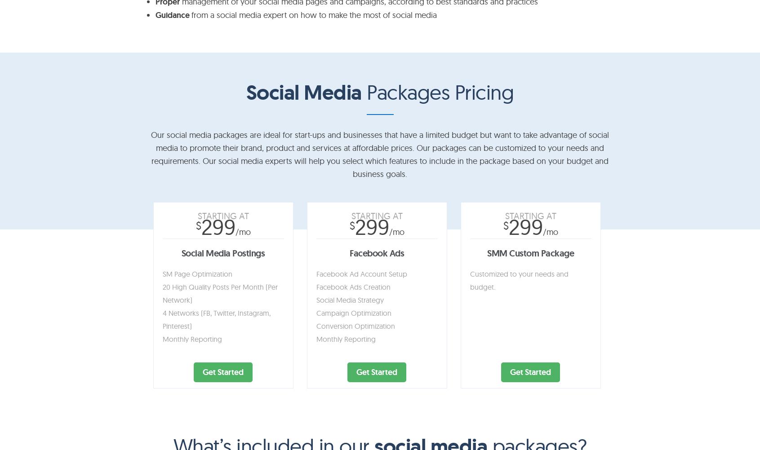 The height and width of the screenshot is (450, 760). I want to click on 'Campaign Optimization', so click(353, 312).